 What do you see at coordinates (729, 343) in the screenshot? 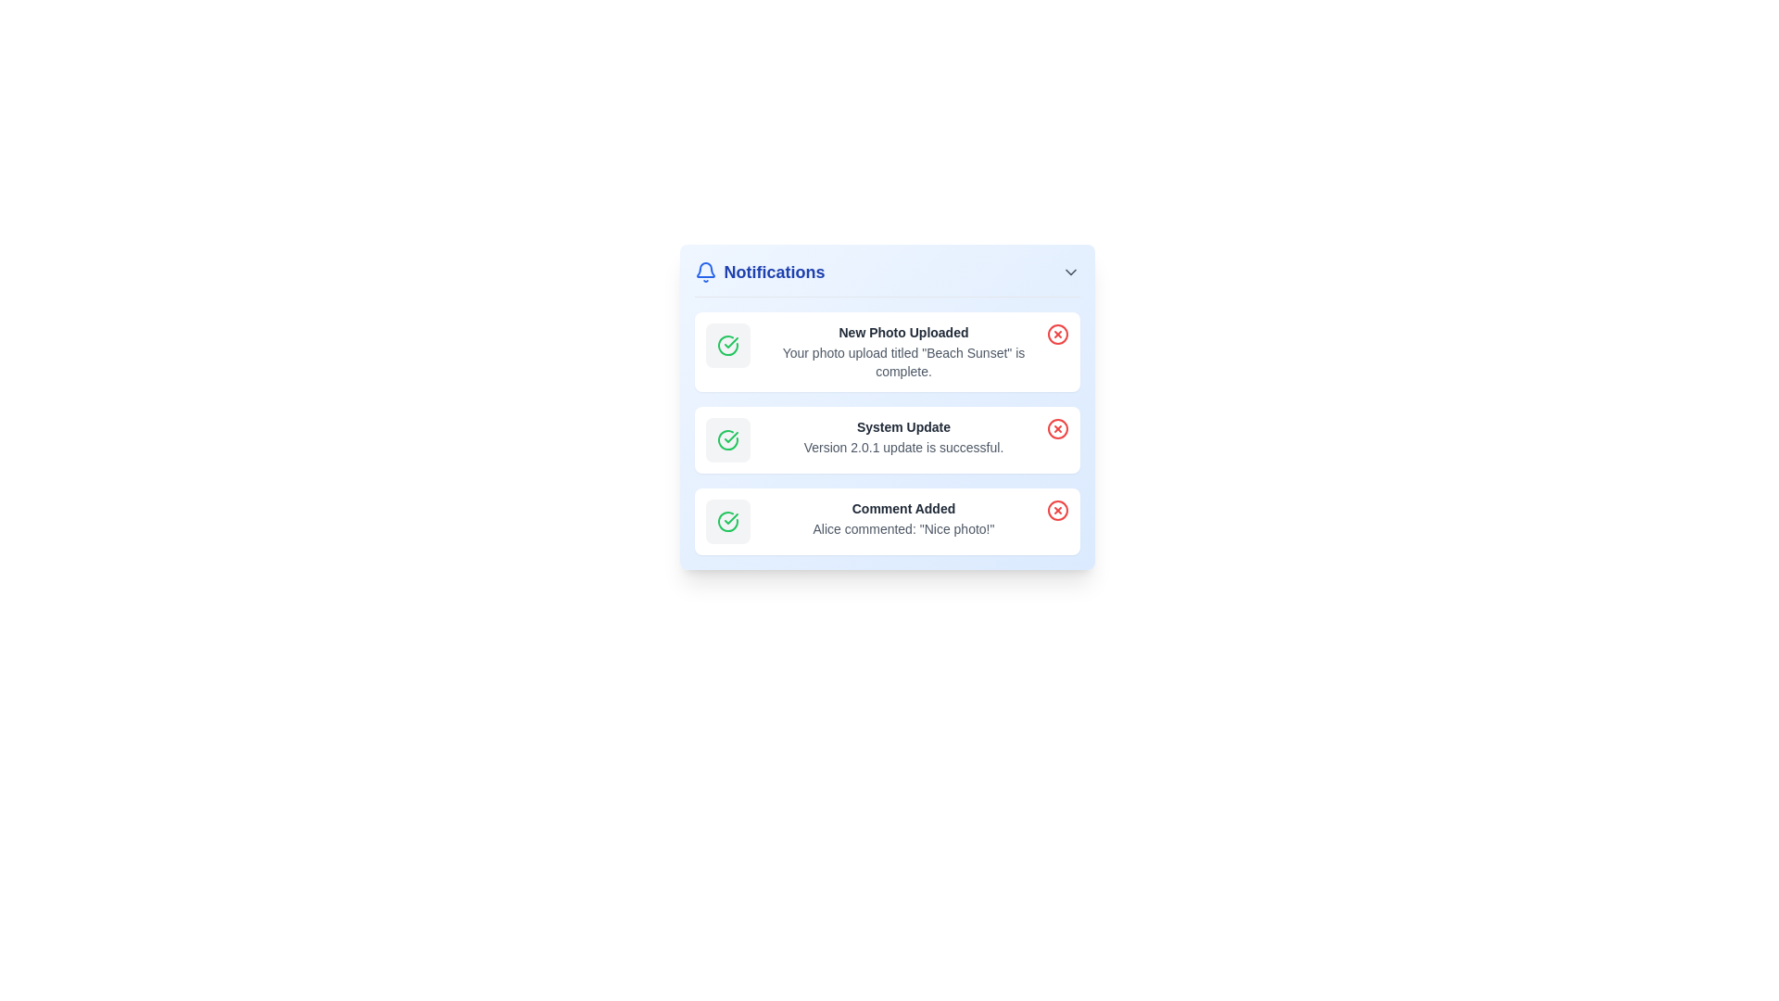
I see `the green checkmark icon within a circular outline, which indicates a successful status, located to the left of the 'System Update' text in the notification interface` at bounding box center [729, 343].